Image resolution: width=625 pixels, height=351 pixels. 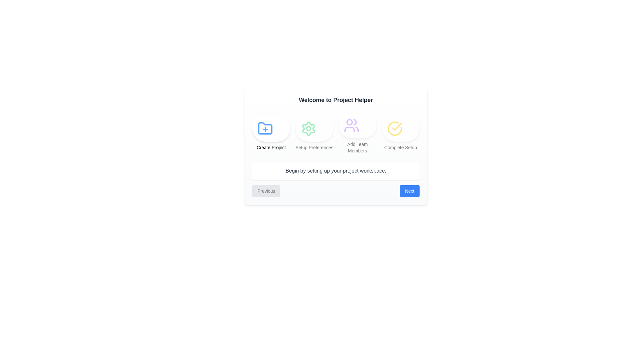 I want to click on Previous button to navigate through the steps, so click(x=266, y=190).